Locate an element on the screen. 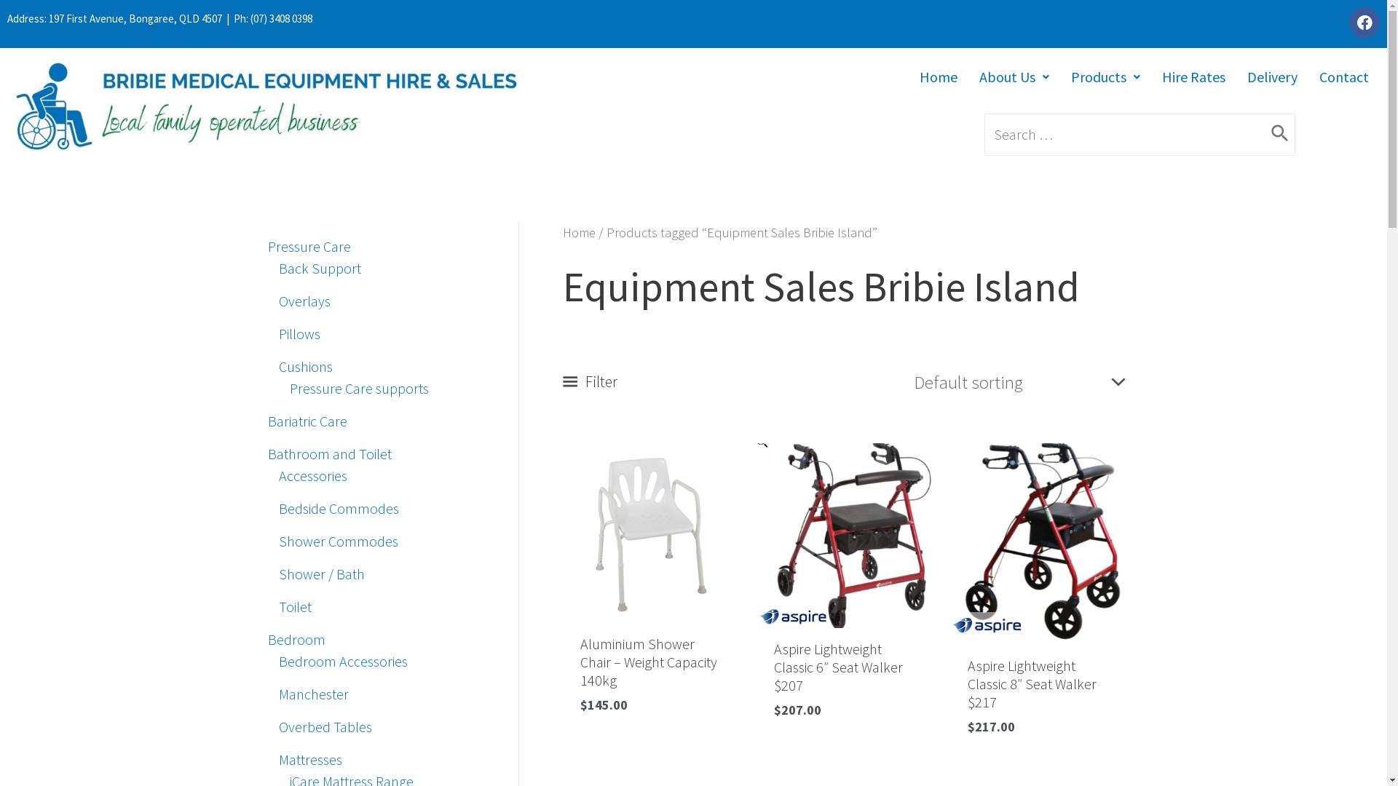 This screenshot has width=1398, height=786. 'Overlays' is located at coordinates (303, 300).